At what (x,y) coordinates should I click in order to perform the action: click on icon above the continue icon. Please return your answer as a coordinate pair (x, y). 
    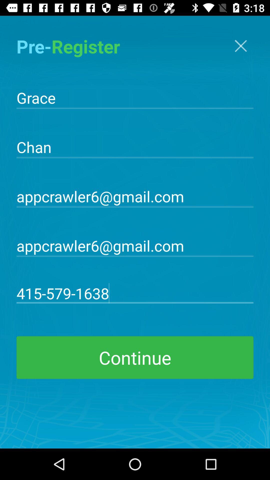
    Looking at the image, I should click on (135, 293).